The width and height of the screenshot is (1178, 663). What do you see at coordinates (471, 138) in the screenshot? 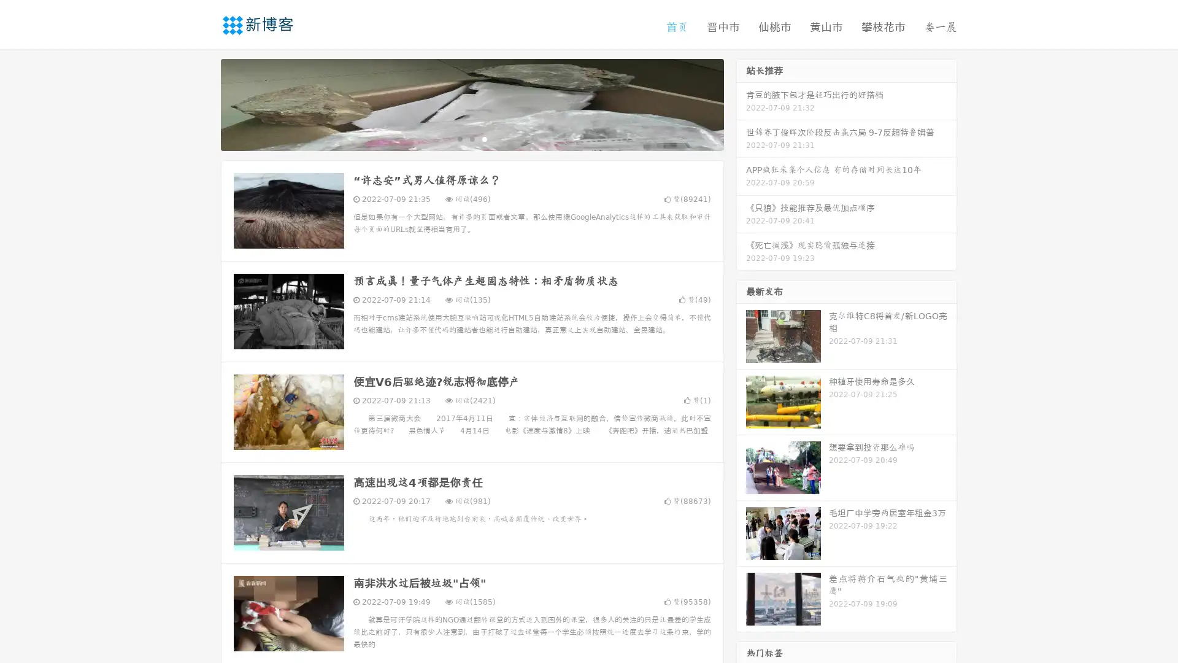
I see `Go to slide 2` at bounding box center [471, 138].